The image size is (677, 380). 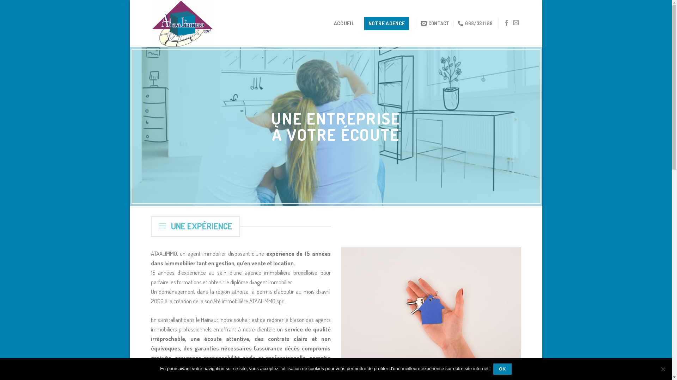 I want to click on 'Nous envoyer un email', so click(x=513, y=23).